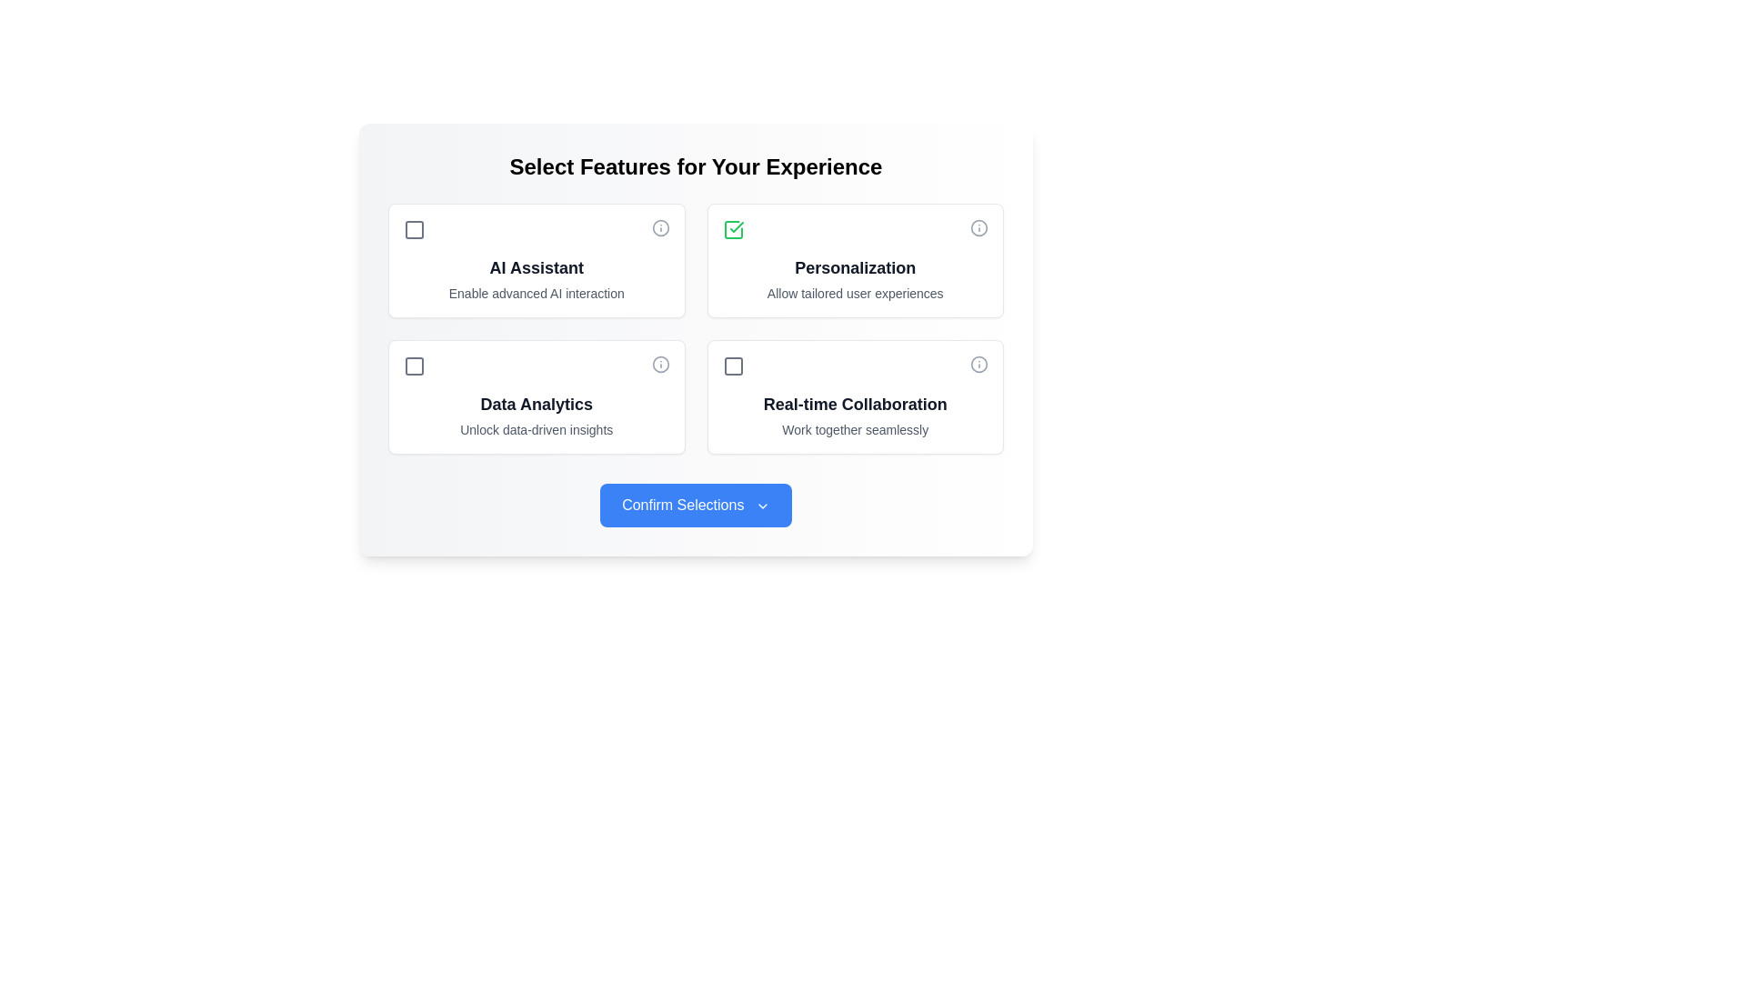  What do you see at coordinates (733, 366) in the screenshot?
I see `the rounded rectangle graphical shape that indicates selection or status within the 'Real-time Collaboration' option in the Select Features section` at bounding box center [733, 366].